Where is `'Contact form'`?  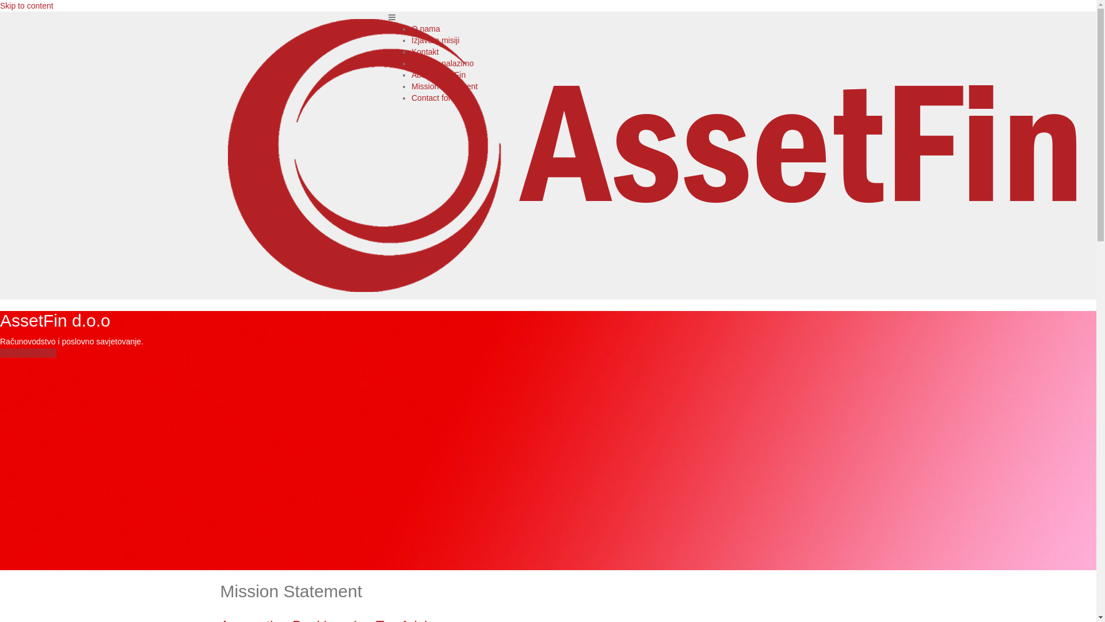
'Contact form' is located at coordinates (411, 97).